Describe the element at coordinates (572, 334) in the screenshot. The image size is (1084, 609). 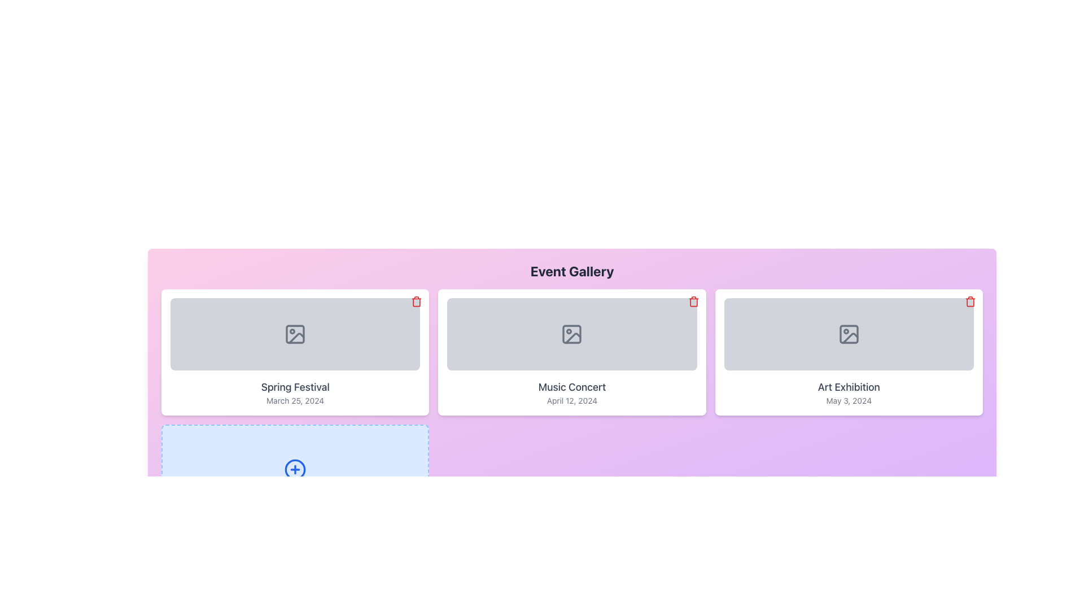
I see `the large gray image placeholder located at the top center of the 'Music Concert' card, which contains a gray image icon and is positioned above the title and date text` at that location.